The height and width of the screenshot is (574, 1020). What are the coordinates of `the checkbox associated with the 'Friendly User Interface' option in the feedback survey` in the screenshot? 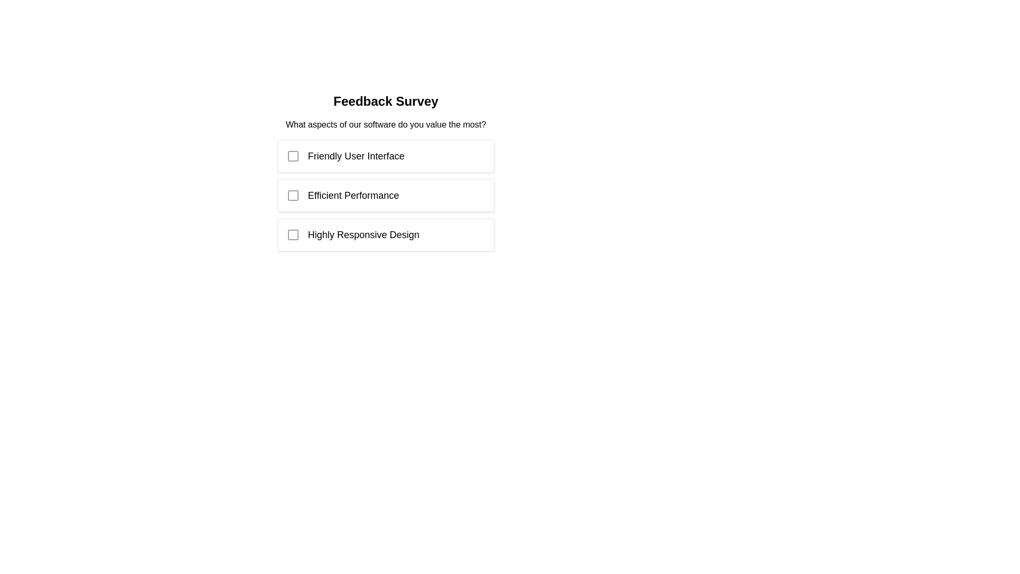 It's located at (293, 156).